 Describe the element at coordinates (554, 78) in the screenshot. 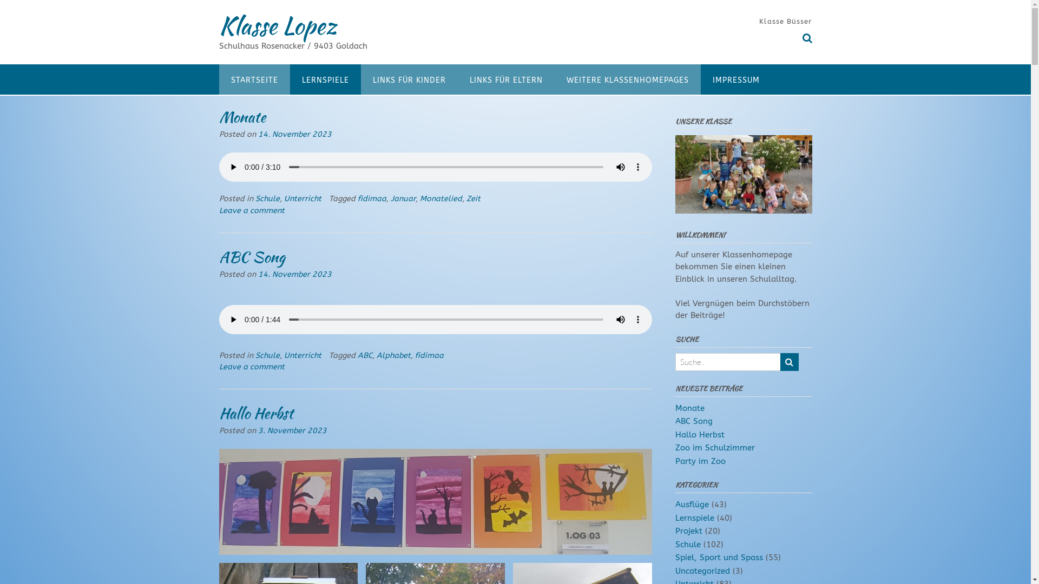

I see `'WEITERE KLASSENHOMEPAGES'` at that location.